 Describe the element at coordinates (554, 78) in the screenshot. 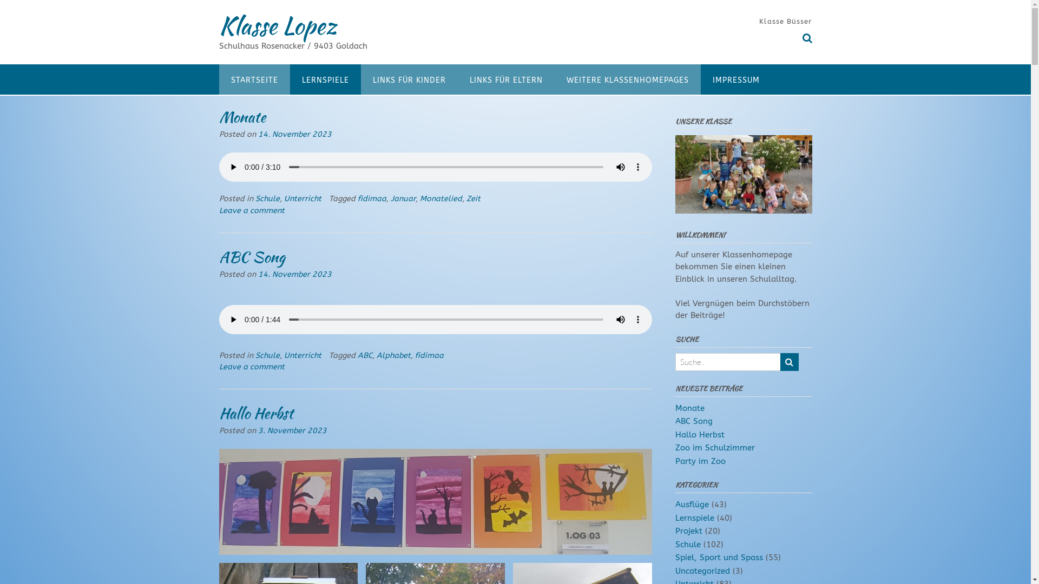

I see `'WEITERE KLASSENHOMEPAGES'` at that location.